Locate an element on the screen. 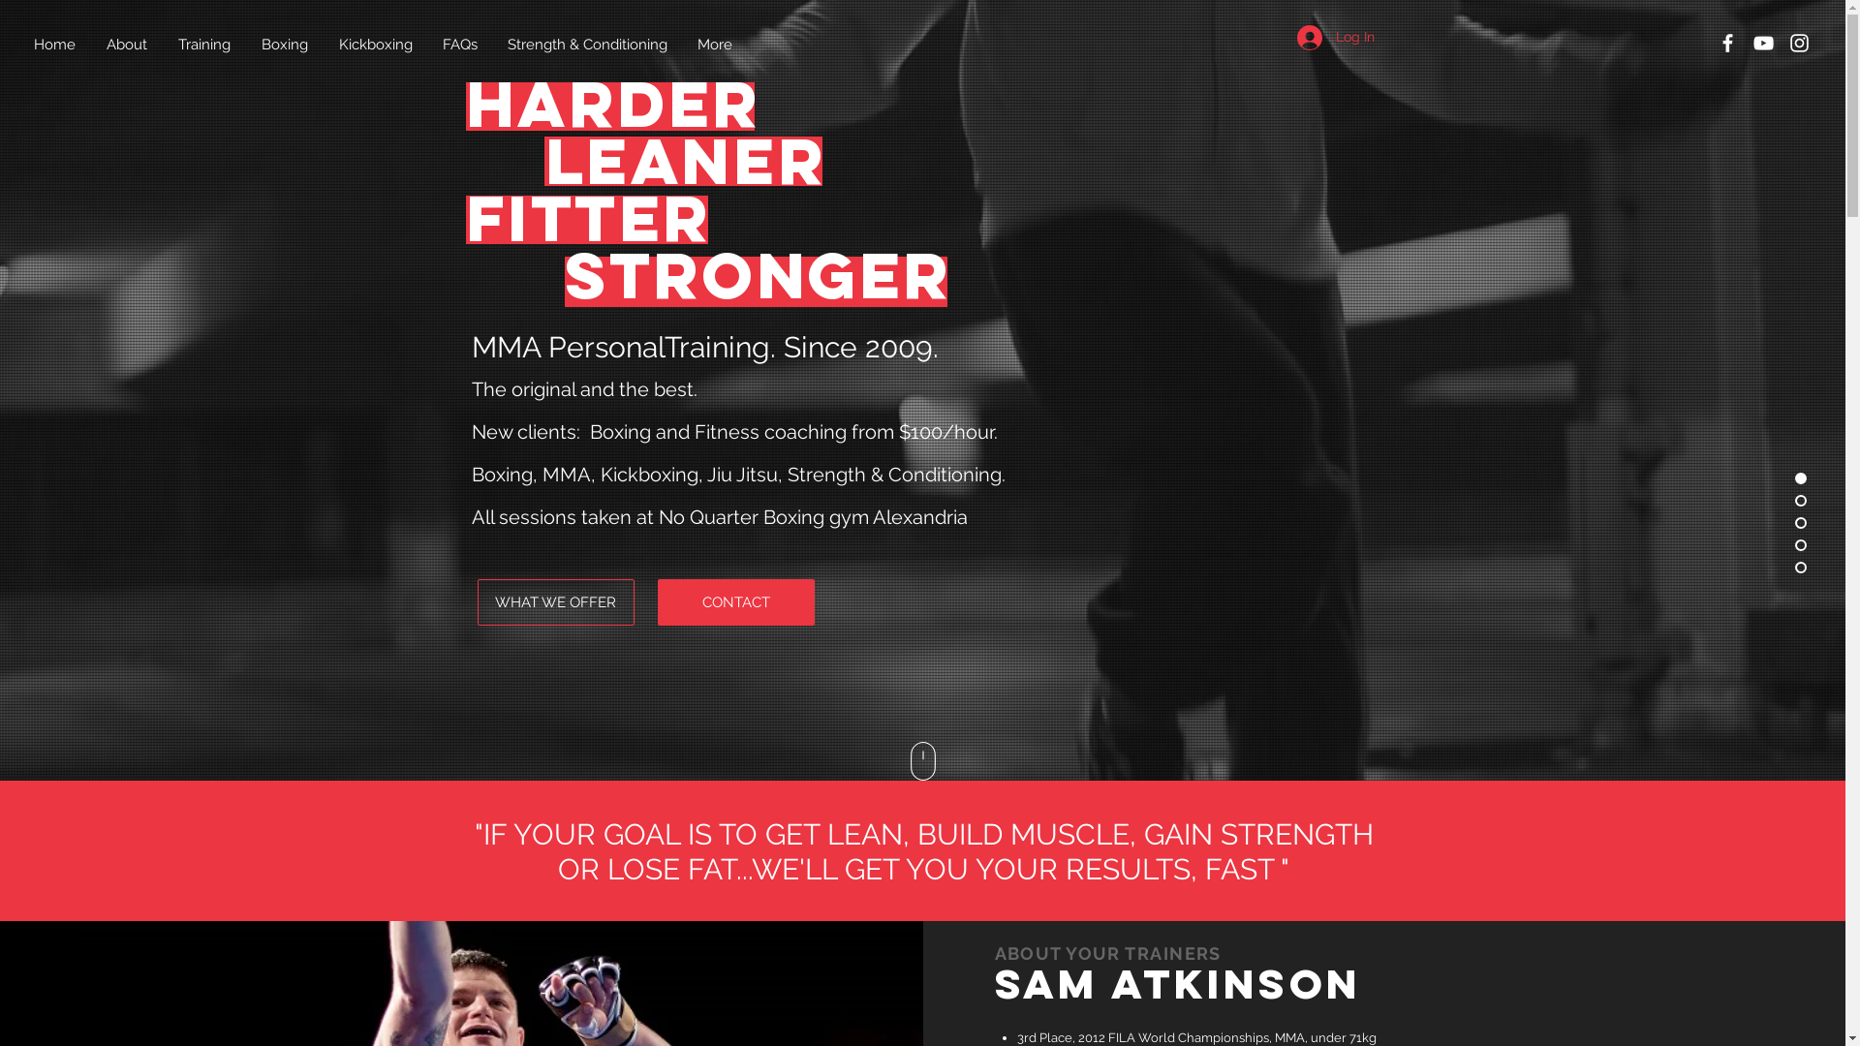  'CONTACT' is located at coordinates (733, 600).